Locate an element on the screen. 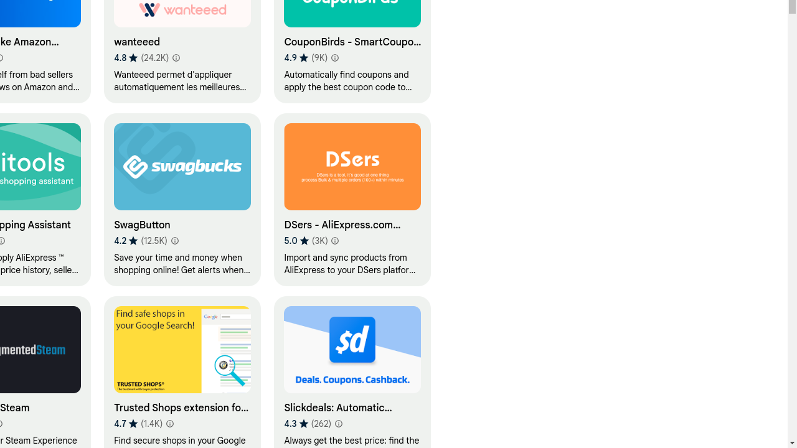 The image size is (797, 448). 'Learn more about results and reviews "wanteeed"' is located at coordinates (175, 58).